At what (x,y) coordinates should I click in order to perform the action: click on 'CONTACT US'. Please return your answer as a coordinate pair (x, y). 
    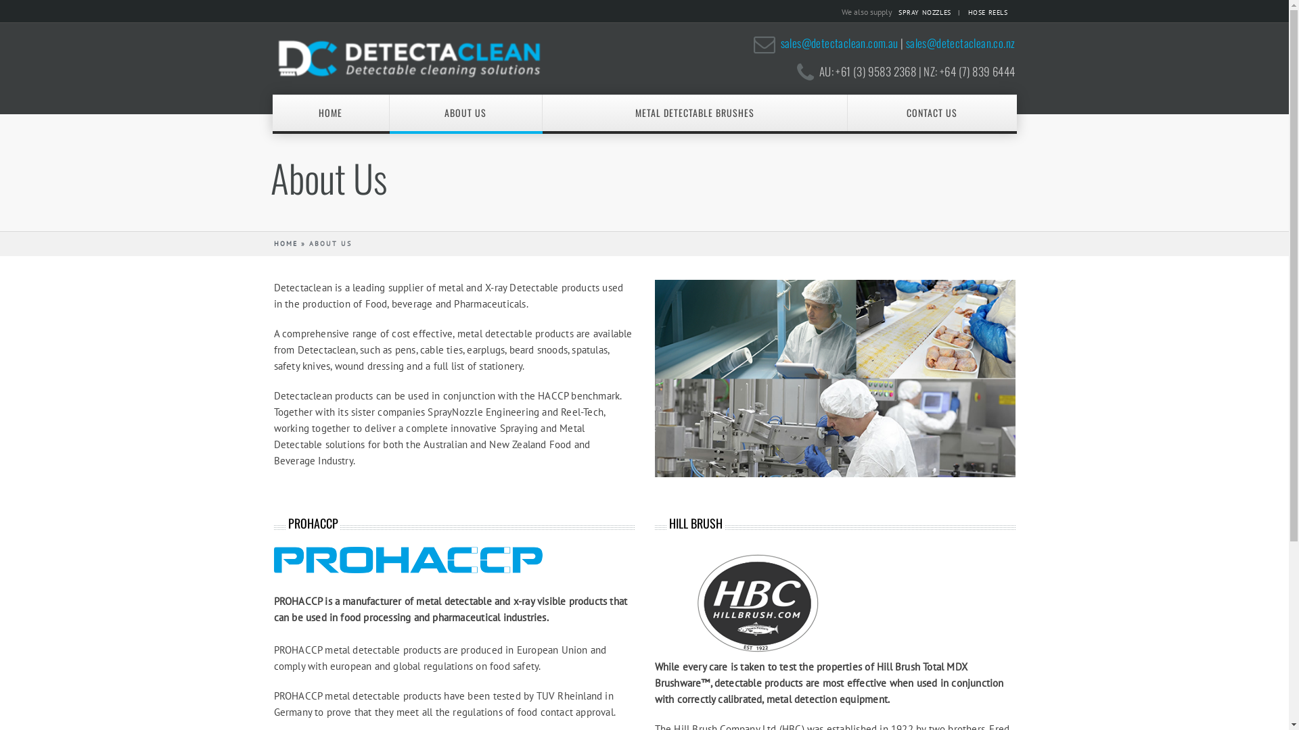
    Looking at the image, I should click on (931, 112).